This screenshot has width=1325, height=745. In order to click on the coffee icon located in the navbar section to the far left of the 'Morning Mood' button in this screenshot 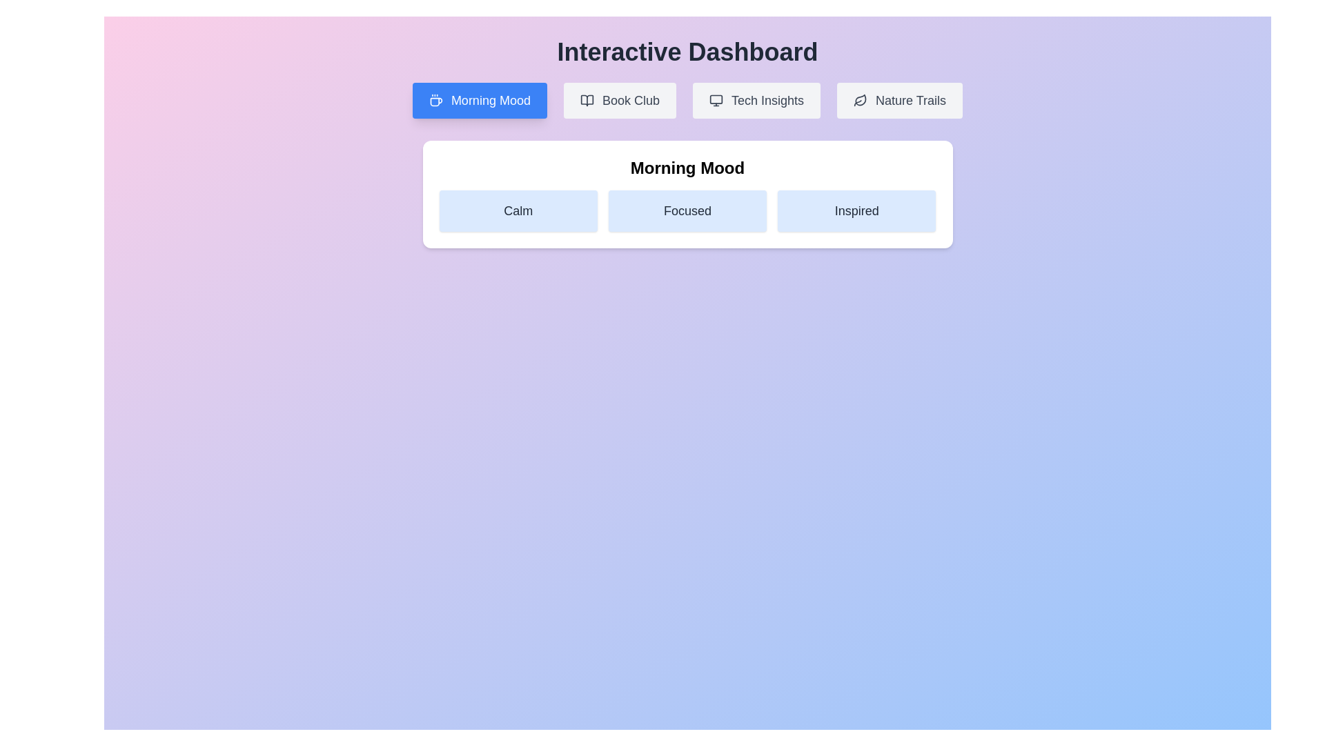, I will do `click(435, 100)`.